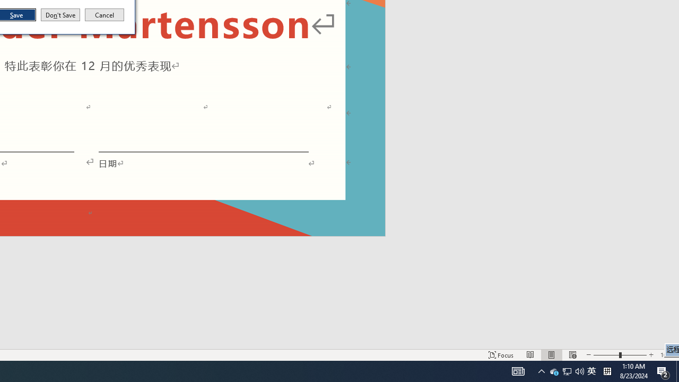 The width and height of the screenshot is (679, 382). I want to click on 'Don', so click(59, 15).